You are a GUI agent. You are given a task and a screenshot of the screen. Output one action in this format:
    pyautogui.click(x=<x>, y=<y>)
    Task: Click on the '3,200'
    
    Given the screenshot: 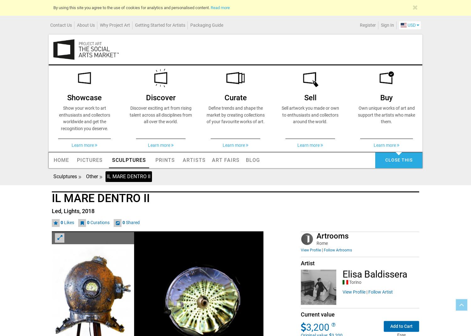 What is the action you would take?
    pyautogui.click(x=319, y=328)
    